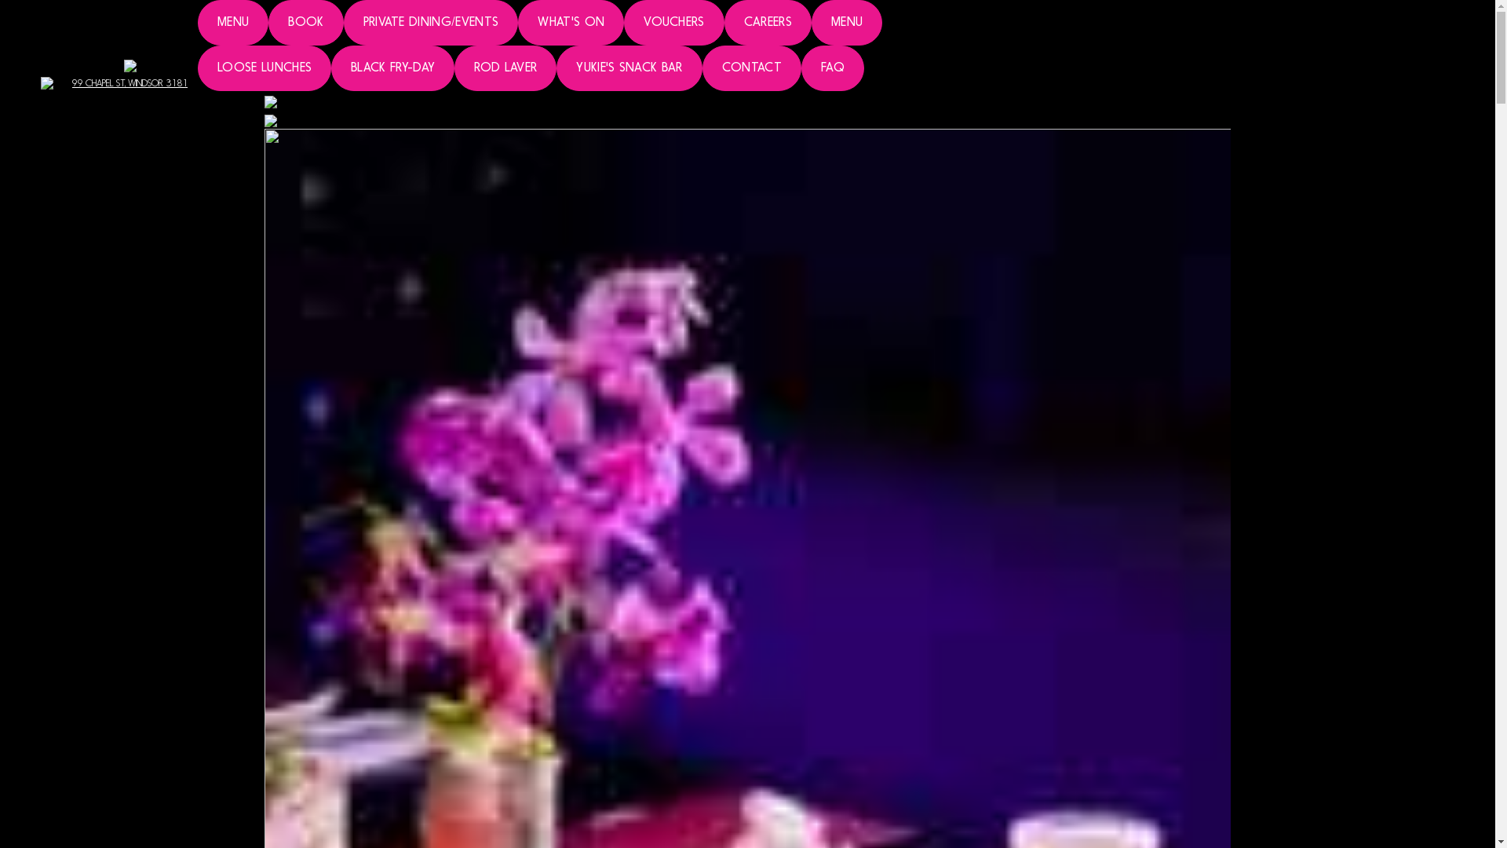 This screenshot has height=848, width=1507. Describe the element at coordinates (801, 68) in the screenshot. I see `'FAQ'` at that location.